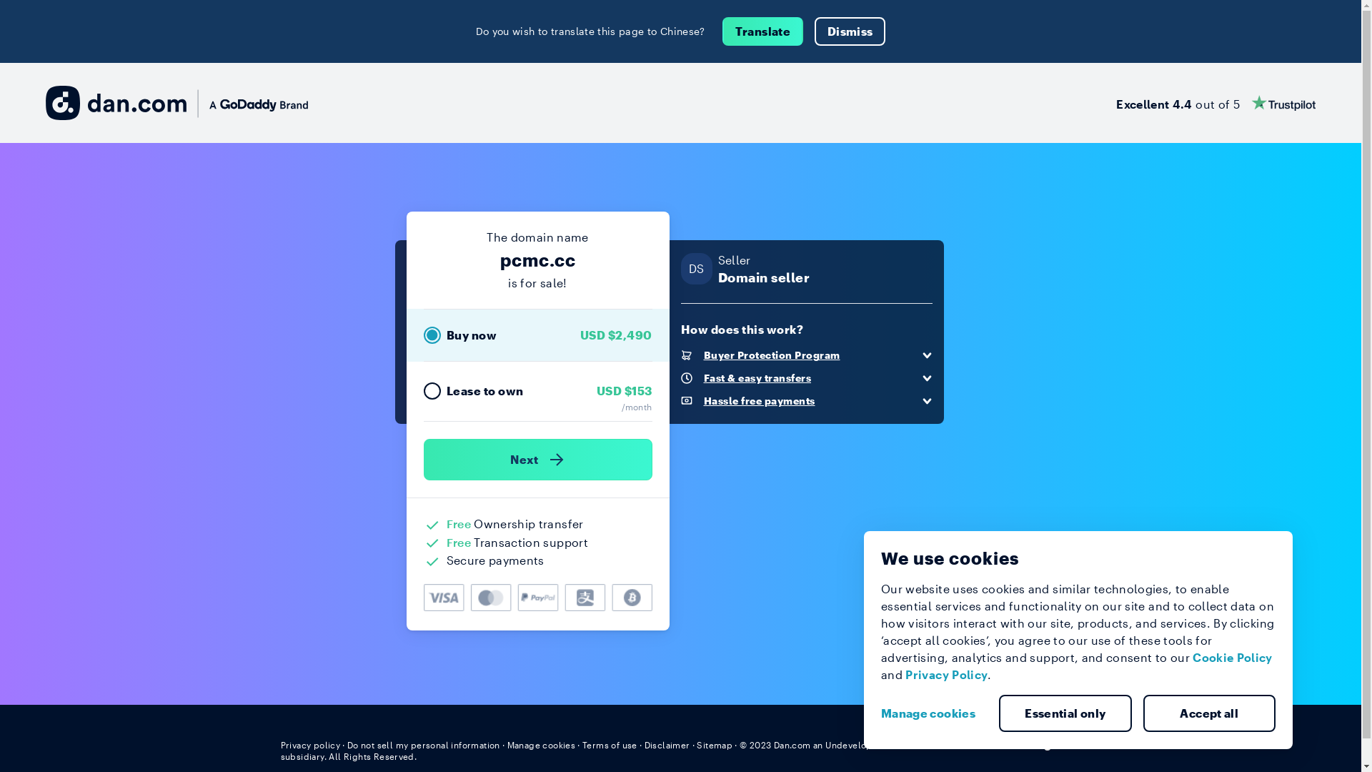 The height and width of the screenshot is (772, 1372). I want to click on 'Do not sell my personal information', so click(423, 743).